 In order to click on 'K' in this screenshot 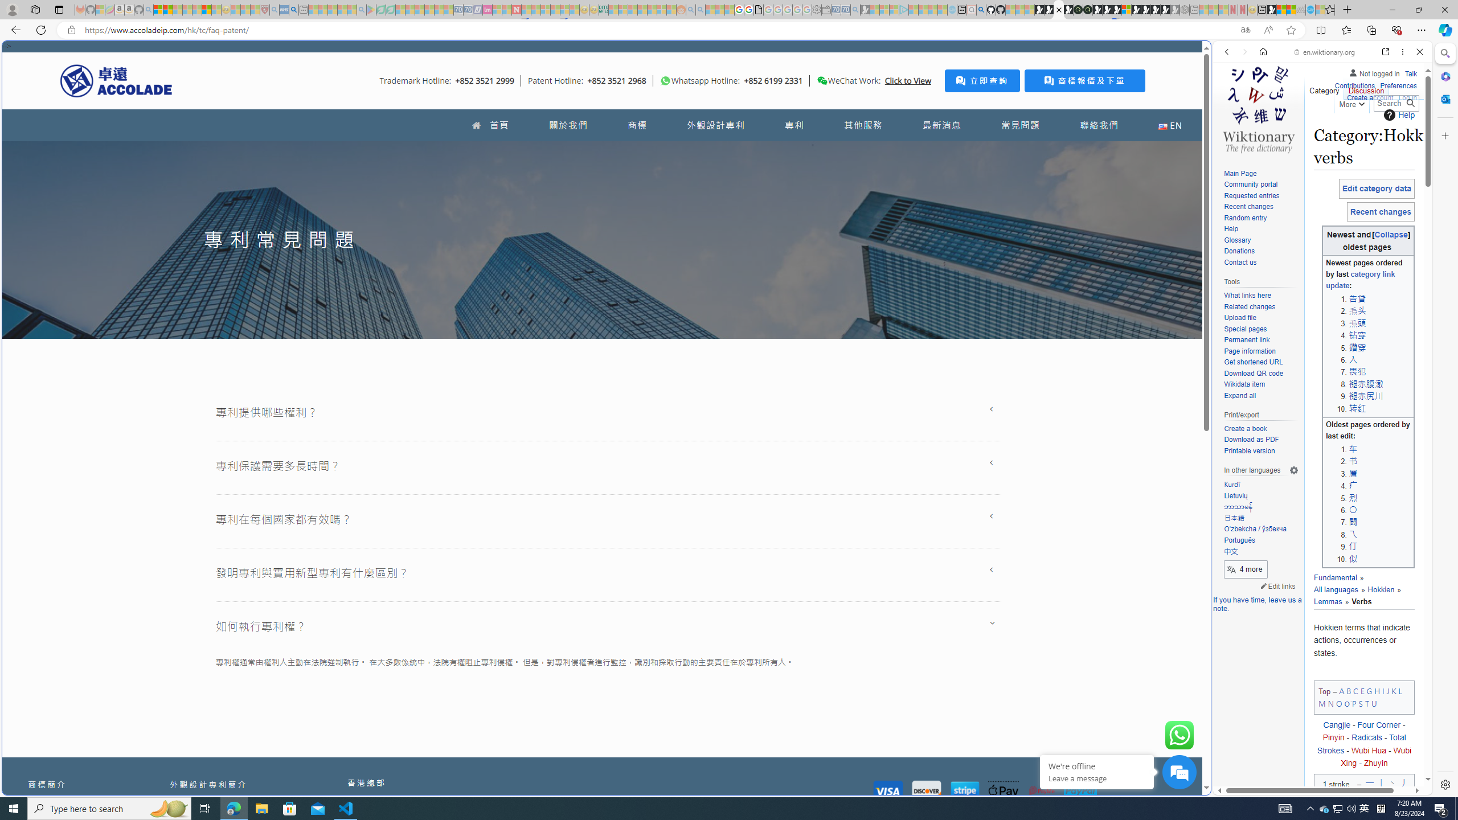, I will do `click(1393, 691)`.